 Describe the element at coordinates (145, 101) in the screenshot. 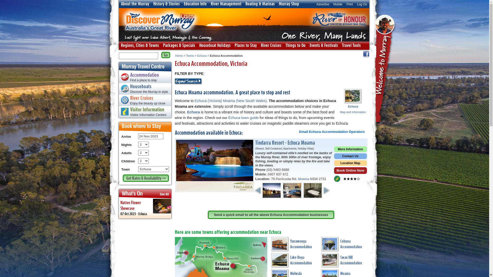

I see `'River Cruises` at that location.